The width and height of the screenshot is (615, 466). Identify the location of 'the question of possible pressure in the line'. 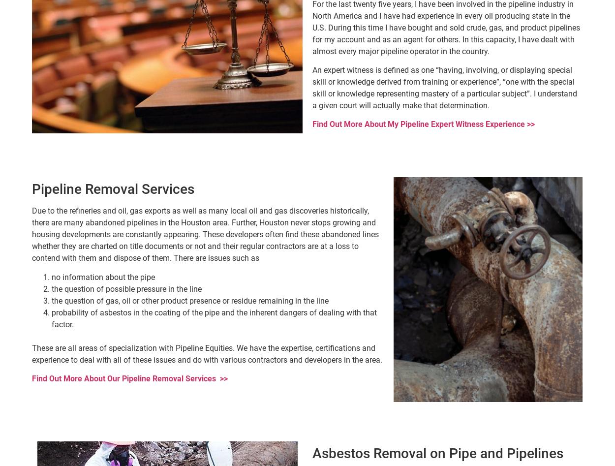
(126, 288).